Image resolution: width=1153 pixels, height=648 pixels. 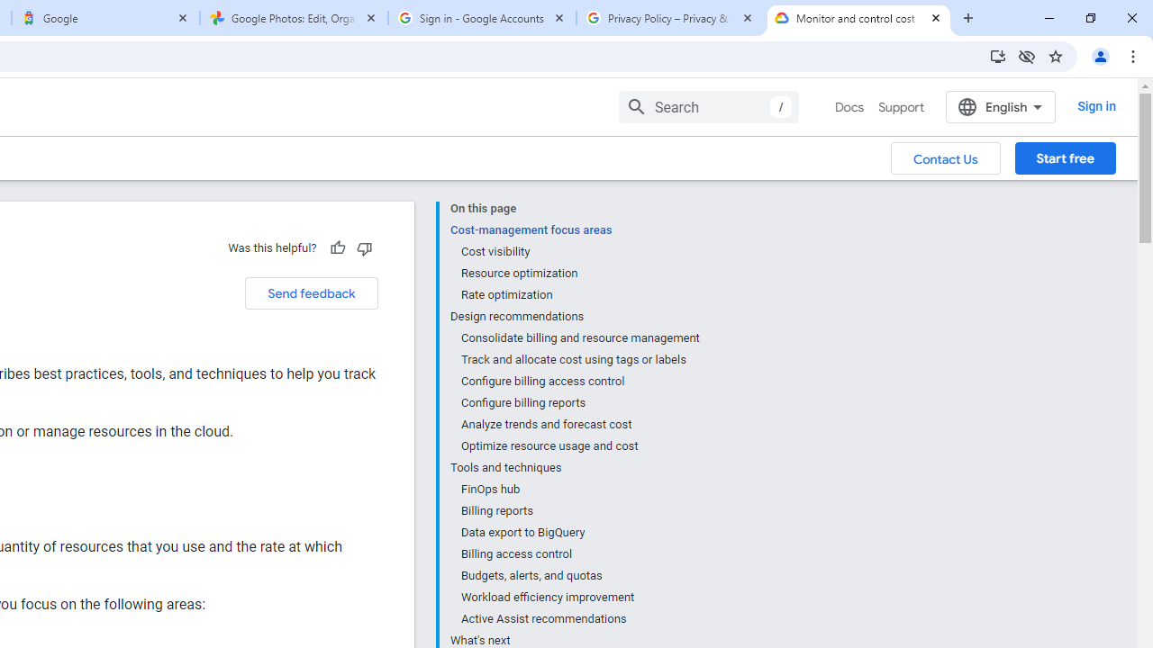 What do you see at coordinates (311, 292) in the screenshot?
I see `'Send feedback'` at bounding box center [311, 292].